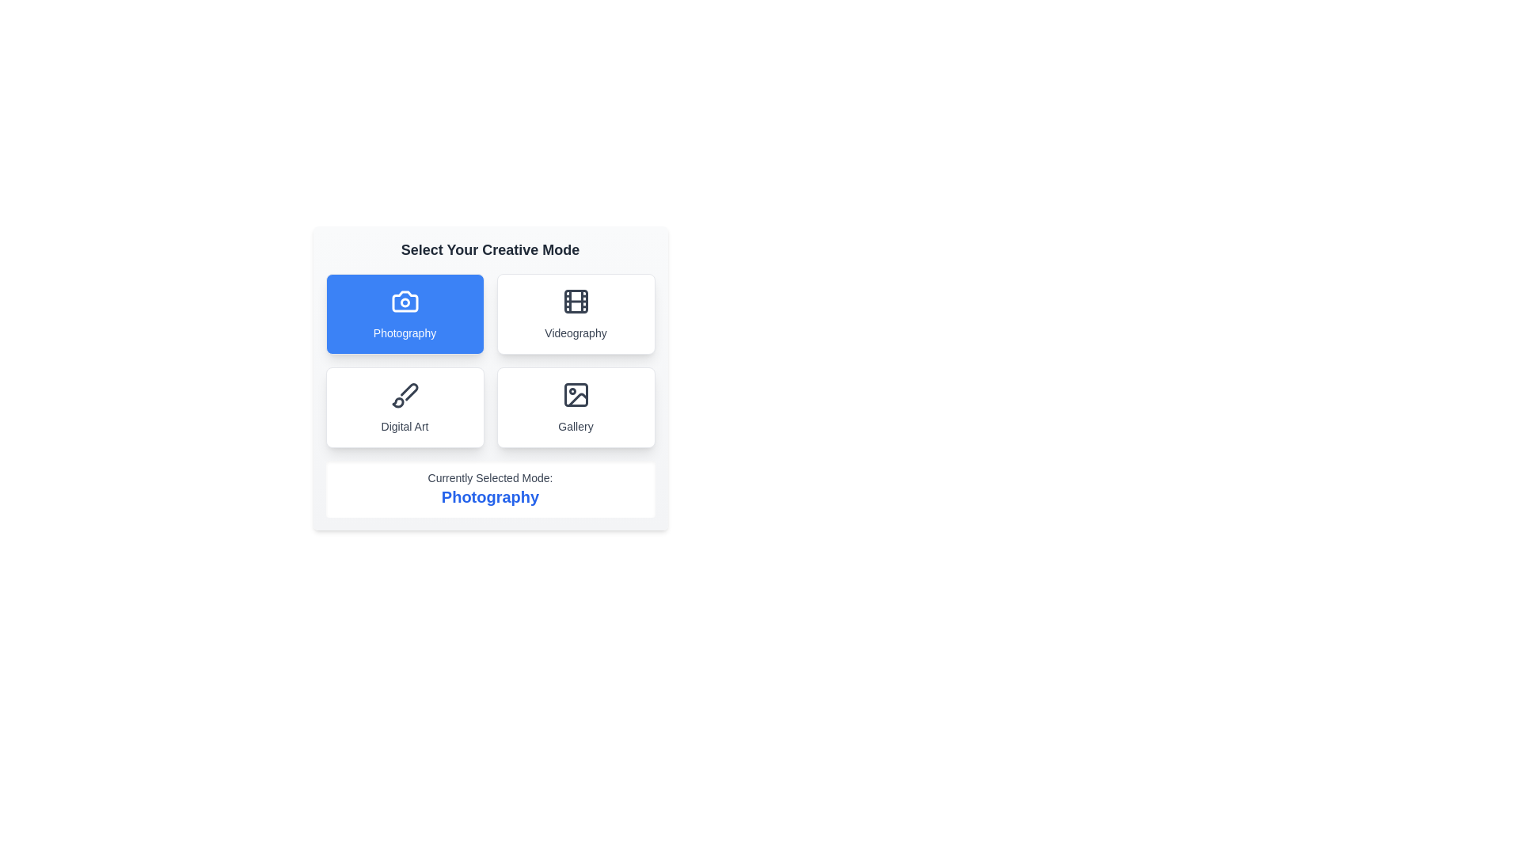 The height and width of the screenshot is (855, 1520). I want to click on the Photography button to observe hover effects, so click(405, 314).